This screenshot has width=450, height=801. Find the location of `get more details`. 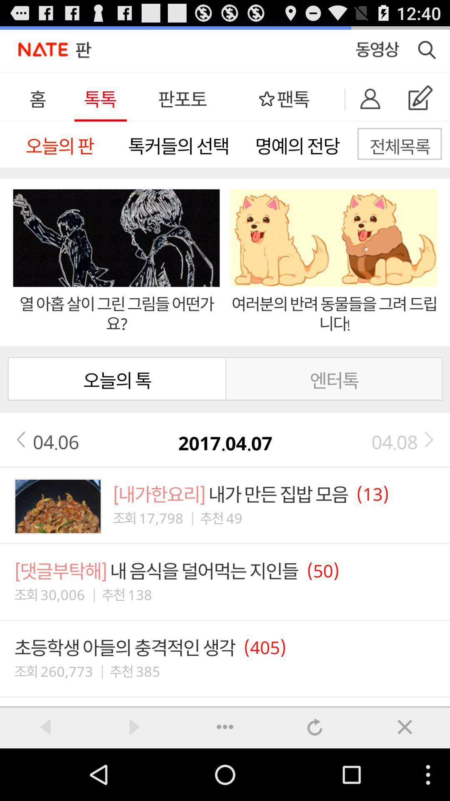

get more details is located at coordinates (225, 726).